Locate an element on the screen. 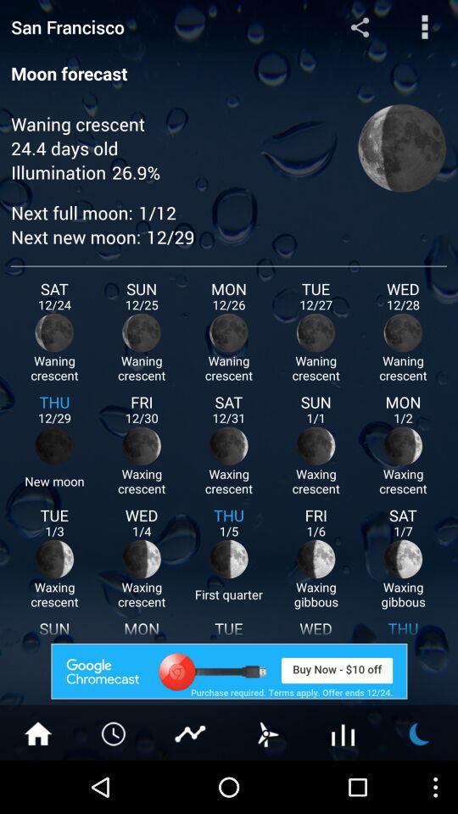 Image resolution: width=458 pixels, height=814 pixels. the menu icon is located at coordinates (343, 784).